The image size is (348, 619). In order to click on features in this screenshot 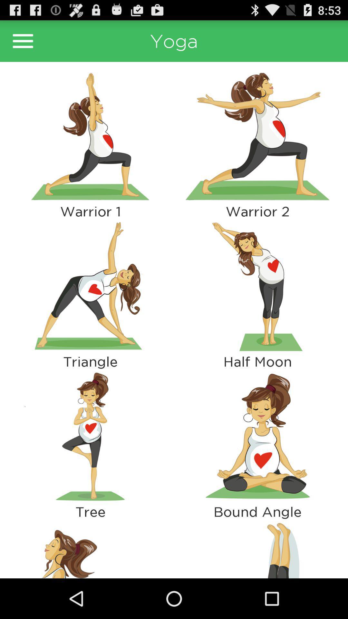, I will do `click(23, 41)`.